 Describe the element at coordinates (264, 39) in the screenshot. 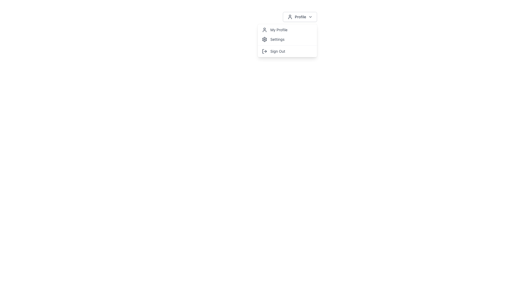

I see `the 'Settings' icon located to the left of the 'Settings' option in the dropdown menu below the 'Profile' button` at that location.